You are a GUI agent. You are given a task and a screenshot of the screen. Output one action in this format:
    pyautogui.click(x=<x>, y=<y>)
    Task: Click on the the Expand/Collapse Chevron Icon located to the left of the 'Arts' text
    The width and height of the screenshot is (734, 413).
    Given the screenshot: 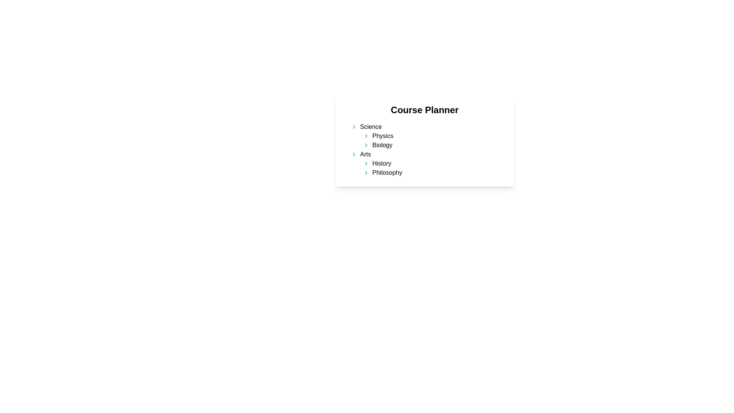 What is the action you would take?
    pyautogui.click(x=354, y=154)
    